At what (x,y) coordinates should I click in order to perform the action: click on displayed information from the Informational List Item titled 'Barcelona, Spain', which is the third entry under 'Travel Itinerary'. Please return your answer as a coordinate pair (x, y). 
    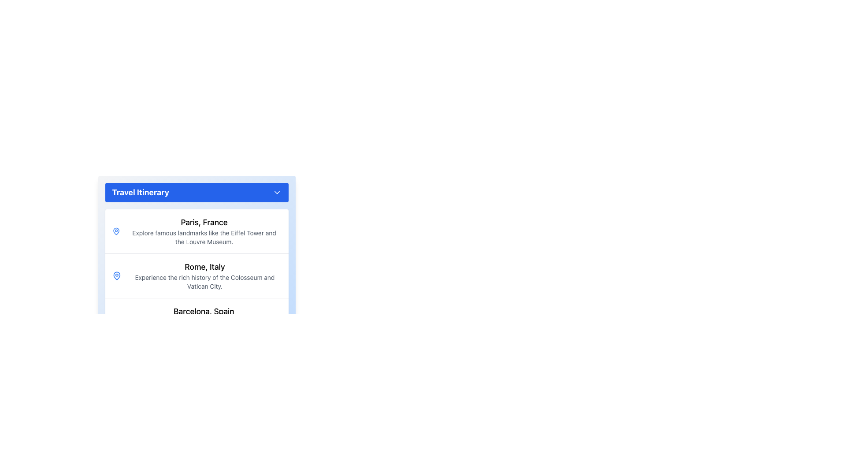
    Looking at the image, I should click on (196, 320).